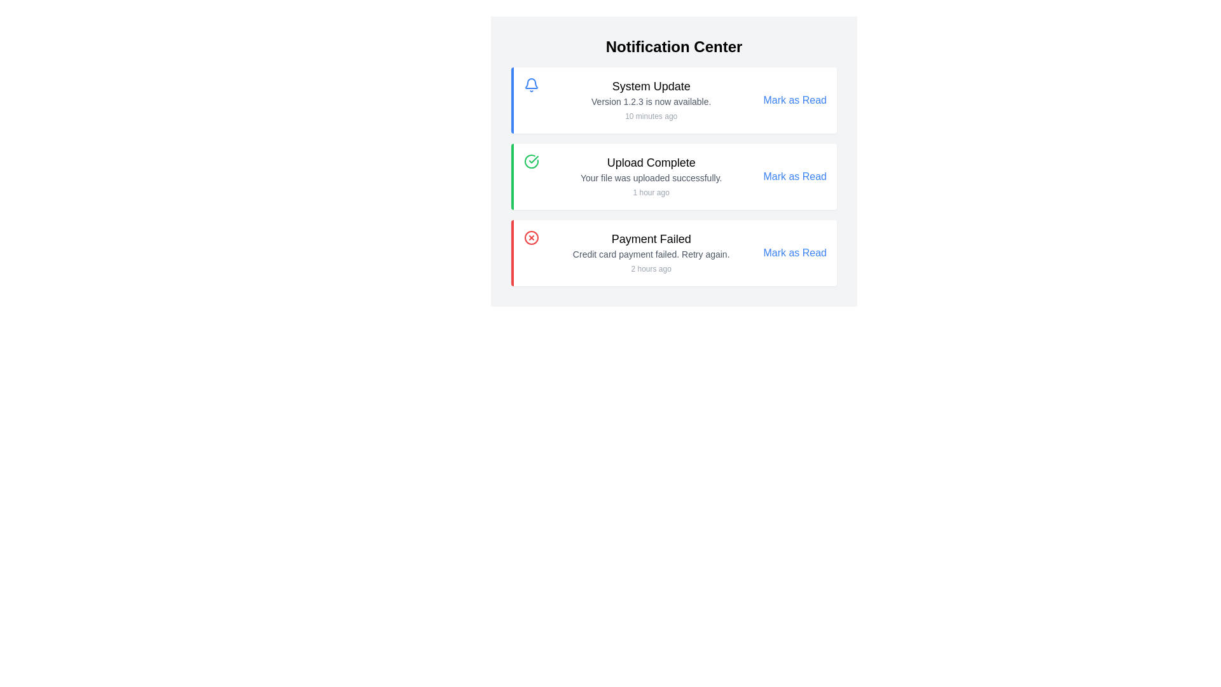 Image resolution: width=1221 pixels, height=687 pixels. Describe the element at coordinates (651, 116) in the screenshot. I see `the Text label that indicates the relative time of the notification issued under the 'System Update' notification, located beneath 'Version 1.2.3 is now available.'` at that location.